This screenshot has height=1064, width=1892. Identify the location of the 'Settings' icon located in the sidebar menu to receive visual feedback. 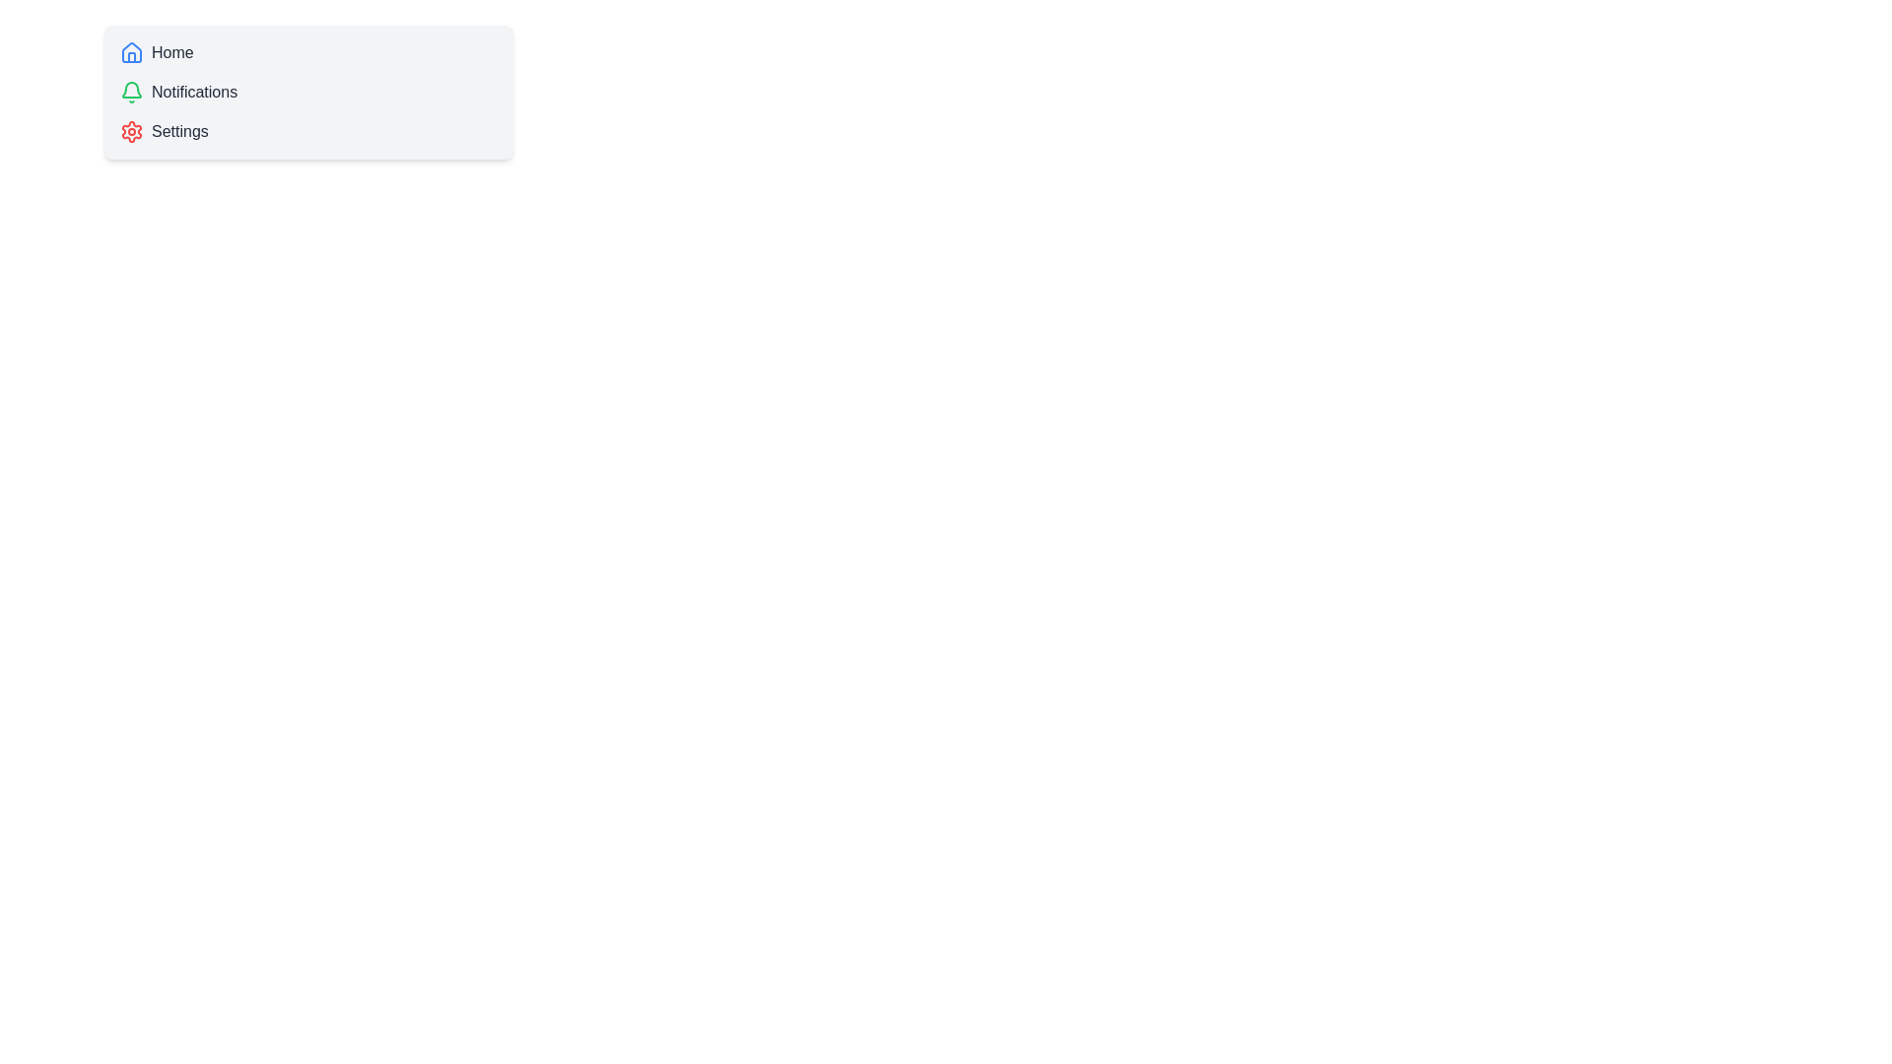
(131, 132).